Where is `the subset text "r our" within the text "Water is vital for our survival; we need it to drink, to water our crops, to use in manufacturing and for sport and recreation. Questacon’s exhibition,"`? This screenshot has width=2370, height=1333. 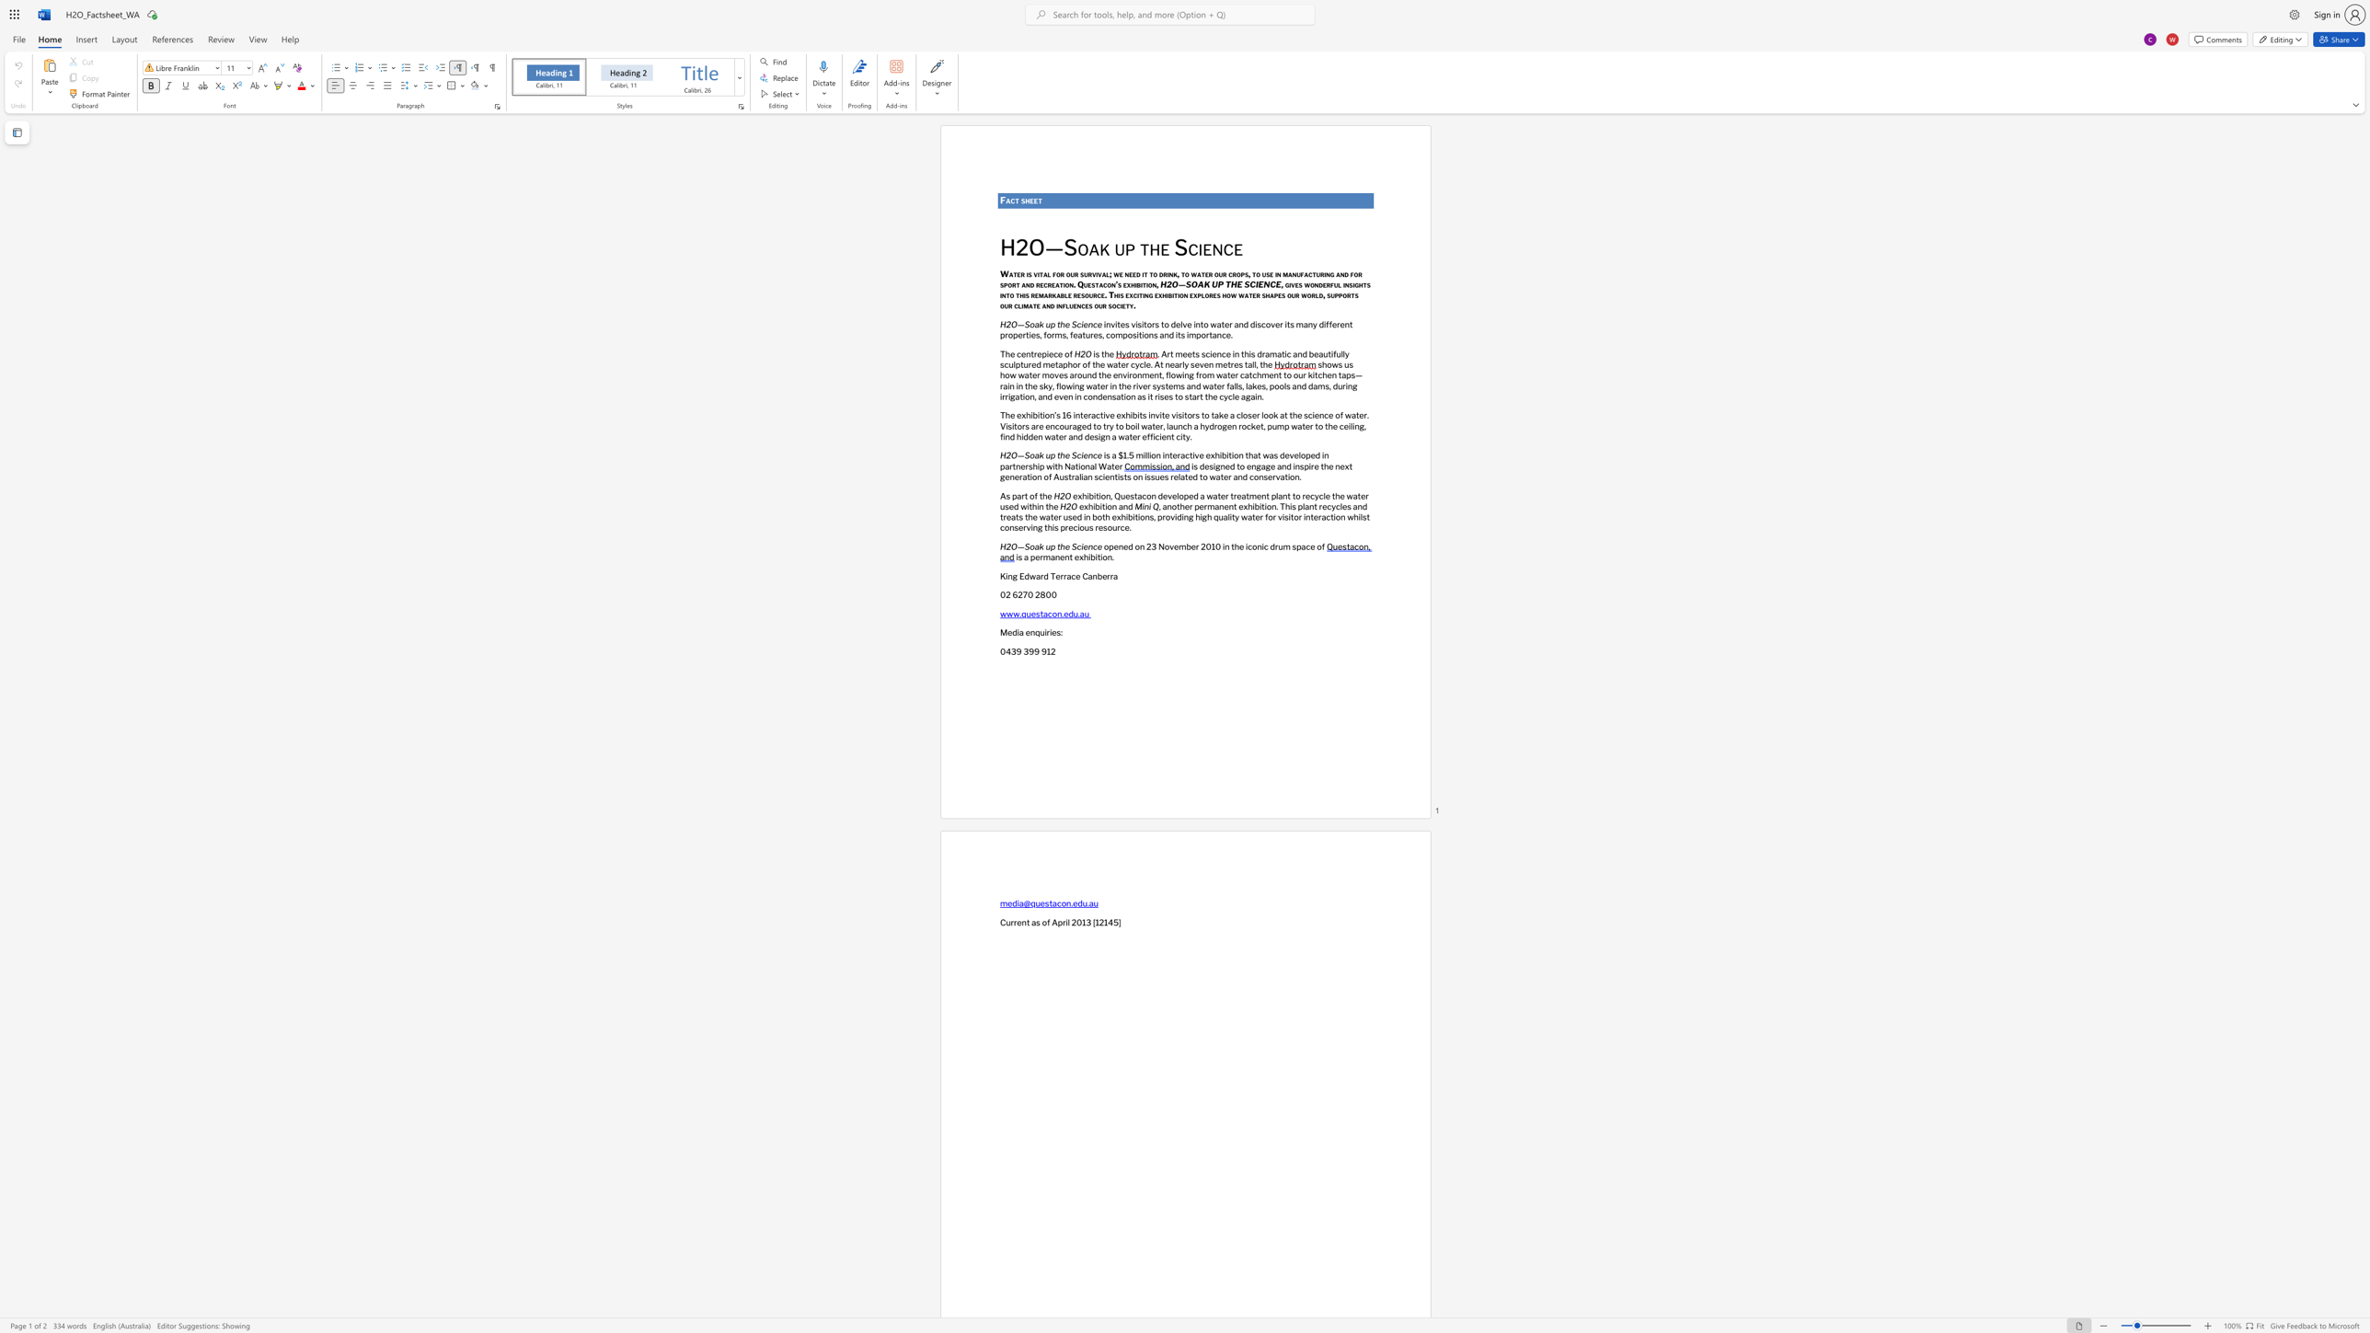 the subset text "r our" within the text "Water is vital for our survival; we need it to drink, to water our crops, to use in manufacturing and for sport and recreation. Questacon’s exhibition," is located at coordinates (1208, 273).